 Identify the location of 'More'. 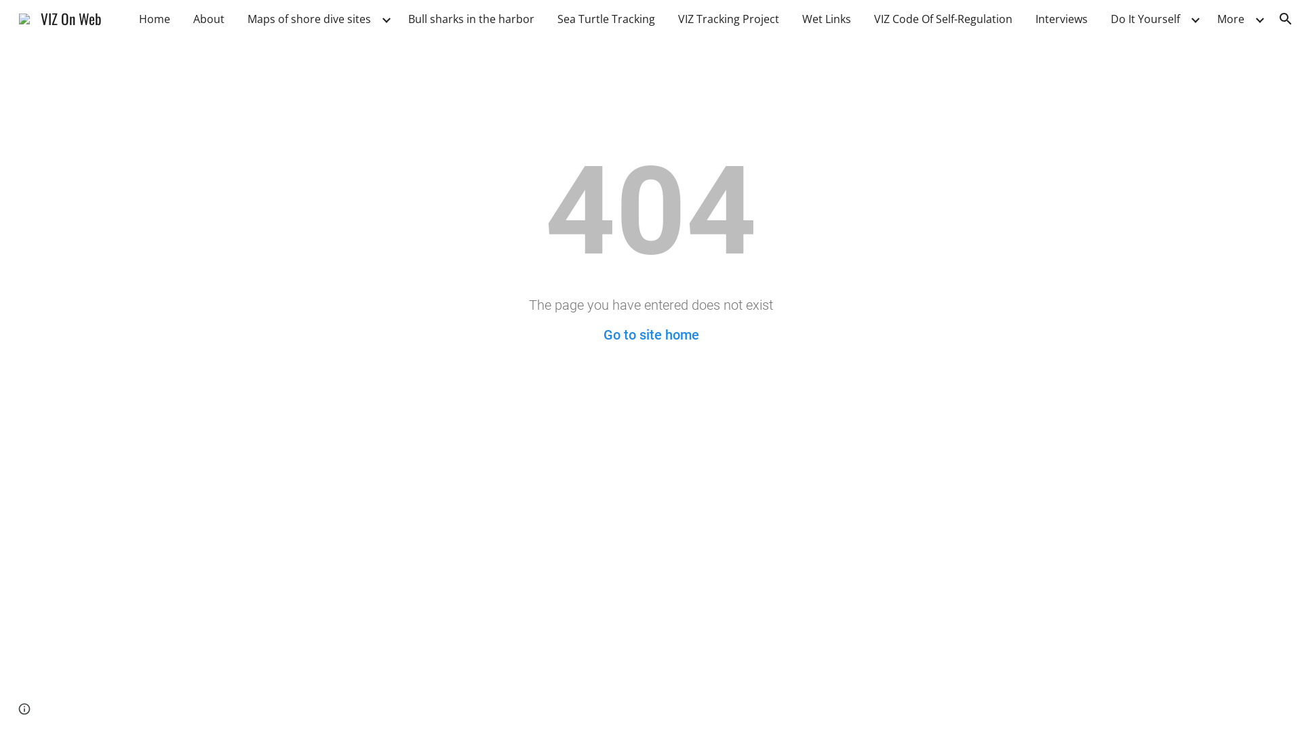
(1230, 18).